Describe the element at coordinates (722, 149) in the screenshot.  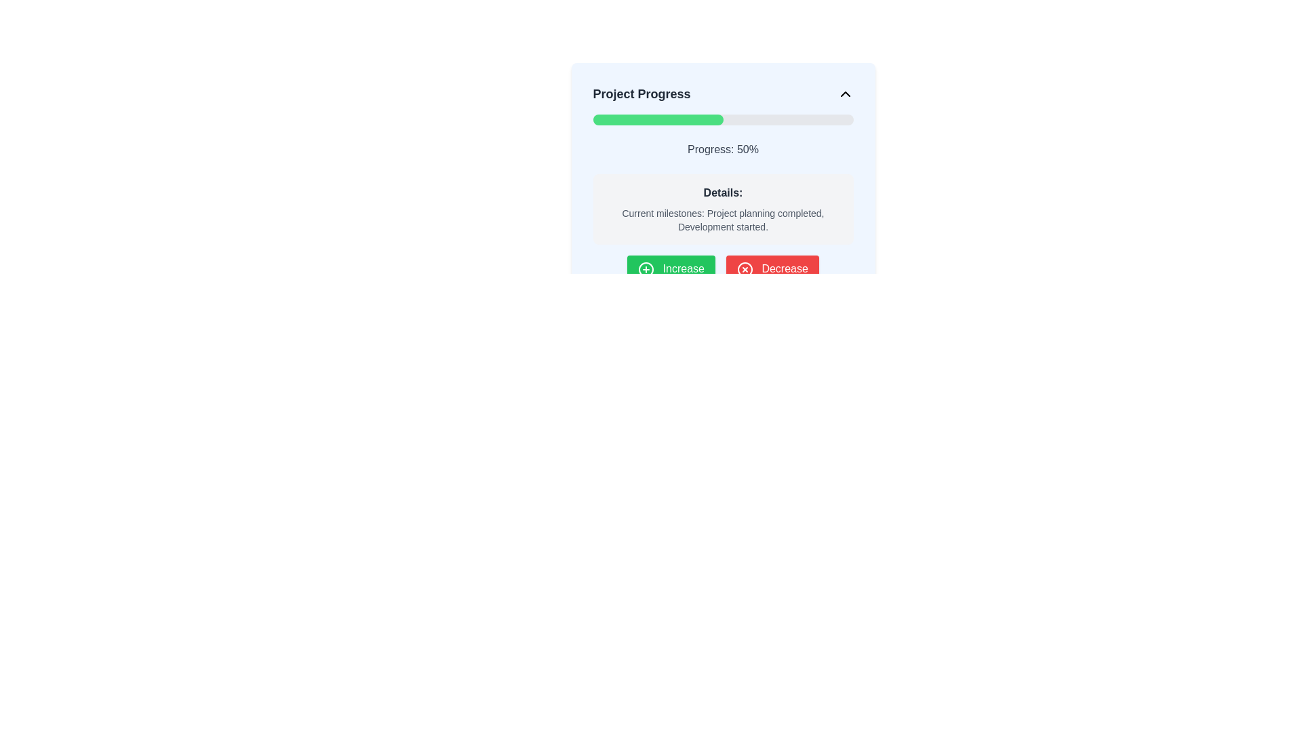
I see `the text label that reads 'Progress: 50%' which is styled in gray and centered within the 'Project Progress' card, located below the green progress bar` at that location.